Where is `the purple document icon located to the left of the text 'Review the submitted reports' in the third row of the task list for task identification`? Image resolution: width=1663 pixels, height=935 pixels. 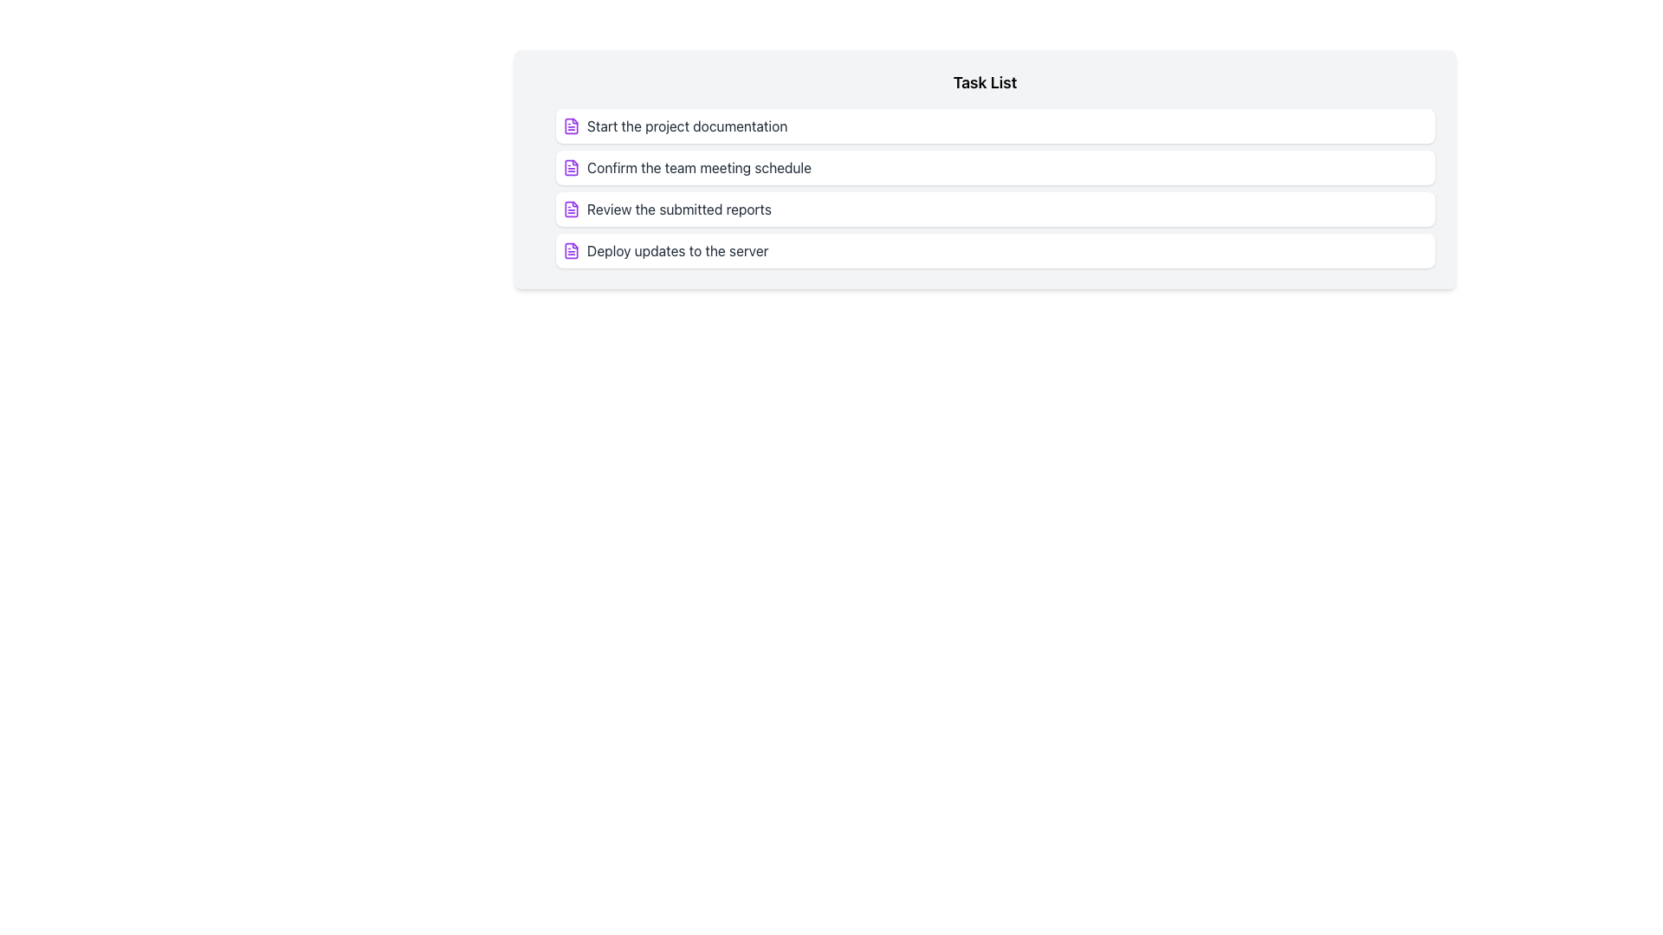 the purple document icon located to the left of the text 'Review the submitted reports' in the third row of the task list for task identification is located at coordinates (572, 209).